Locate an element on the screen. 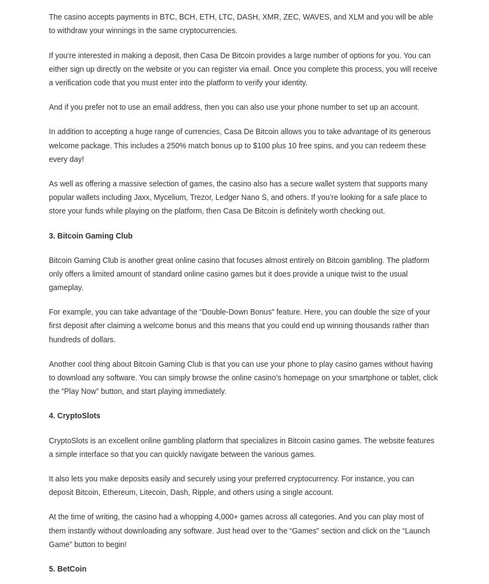  'If you’re interested in making a deposit, then Casa De Bitcoin provides a large number of options for you. You can either sign up directly on the website or you can register via email. Once you complete this process, you will receive a verification code that you must enter into the platform to verify your identity.' is located at coordinates (243, 68).